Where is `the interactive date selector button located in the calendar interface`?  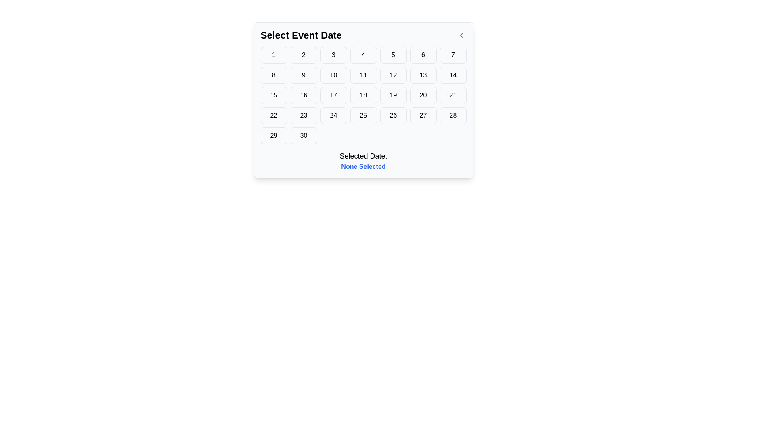
the interactive date selector button located in the calendar interface is located at coordinates (303, 95).